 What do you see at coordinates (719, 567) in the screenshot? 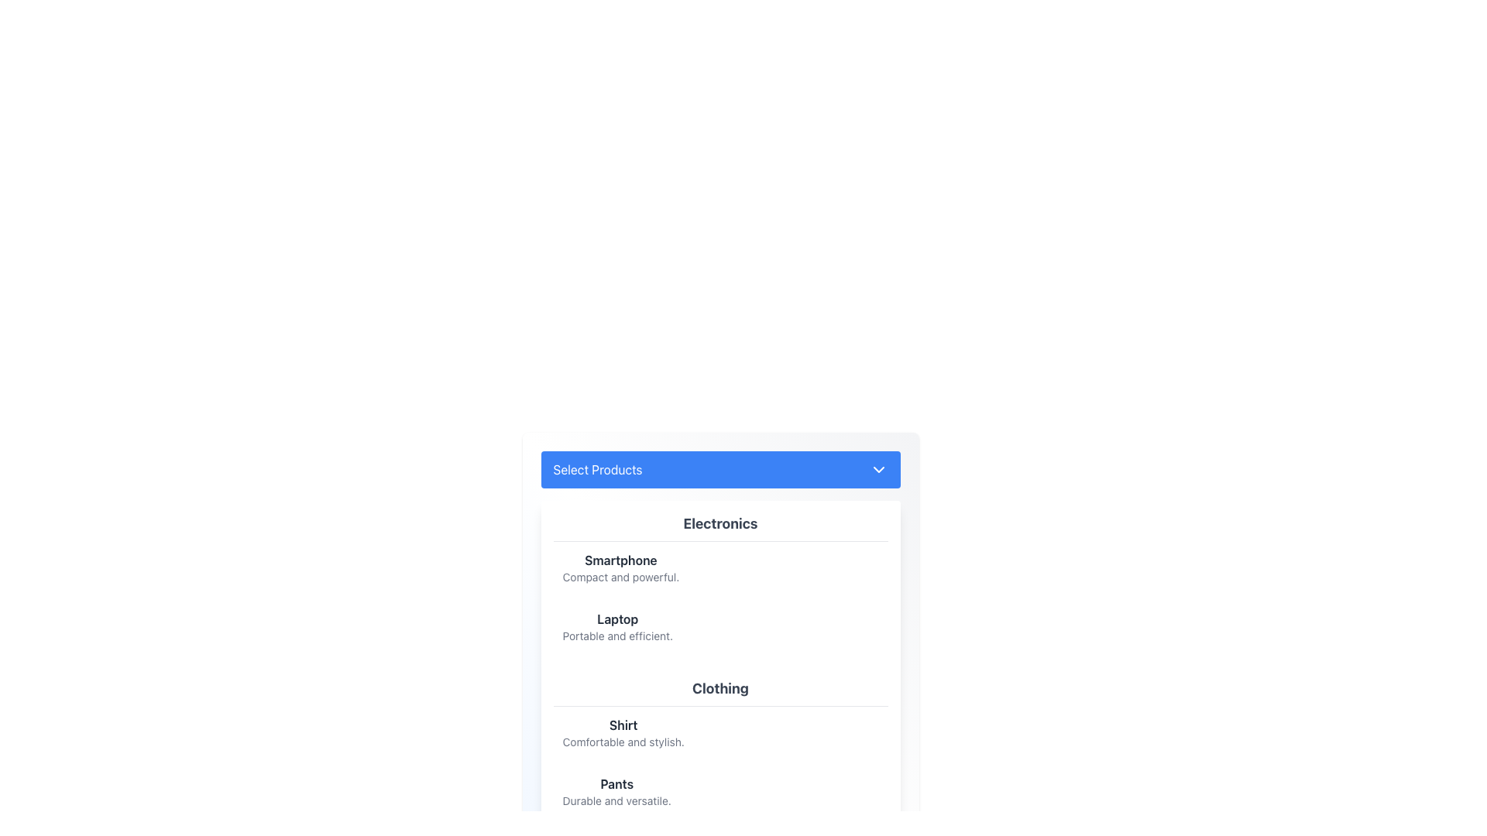
I see `the first list item titled 'Smartphone' in the 'Electronics' section` at bounding box center [719, 567].